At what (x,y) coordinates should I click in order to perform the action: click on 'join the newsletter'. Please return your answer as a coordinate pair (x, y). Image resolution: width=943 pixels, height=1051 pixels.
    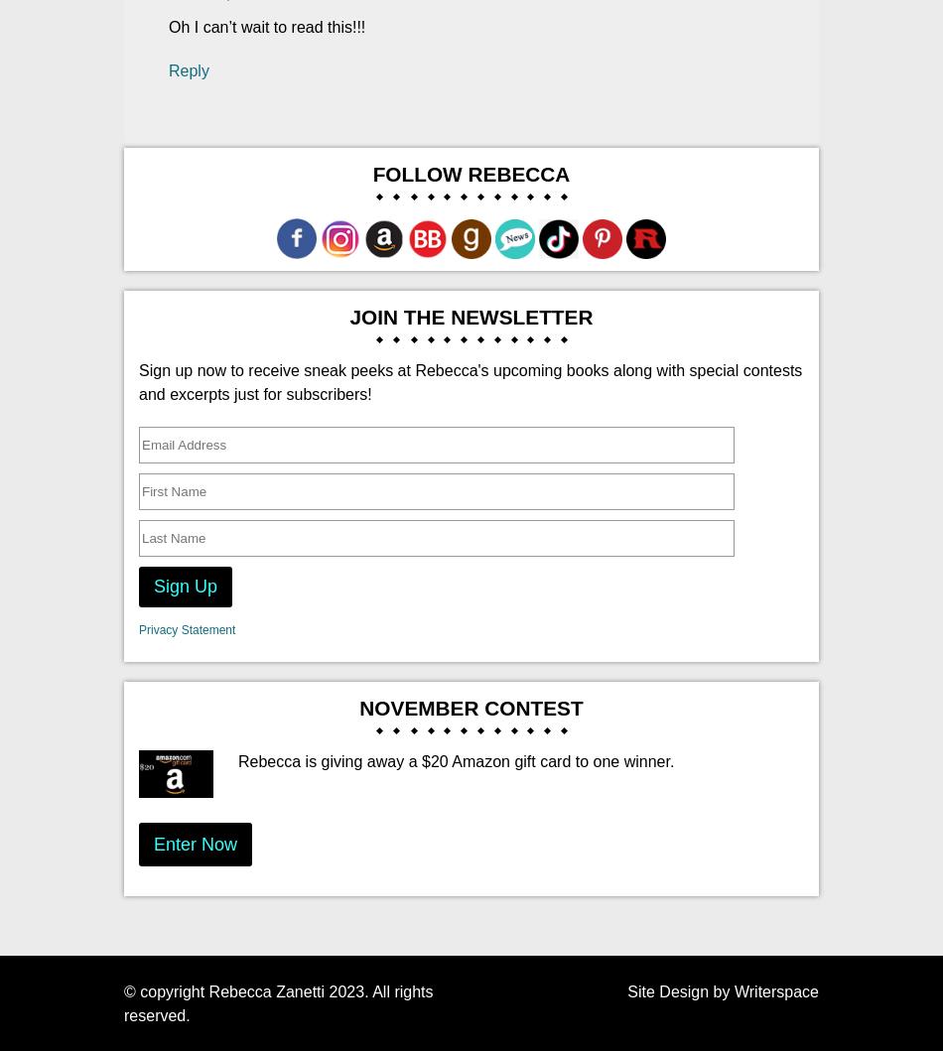
    Looking at the image, I should click on (470, 316).